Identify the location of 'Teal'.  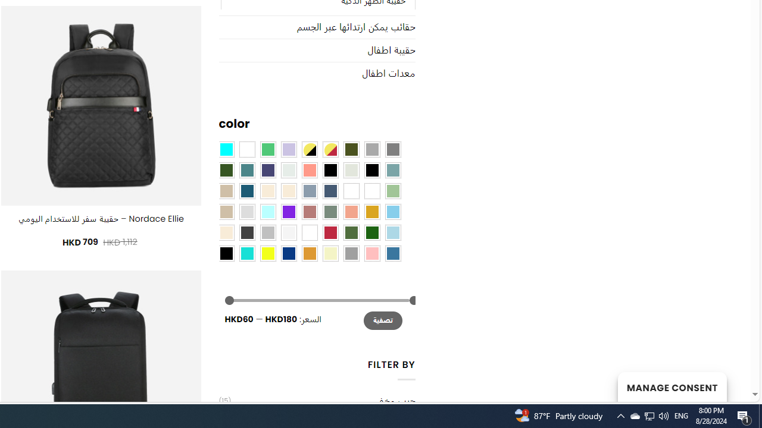
(246, 169).